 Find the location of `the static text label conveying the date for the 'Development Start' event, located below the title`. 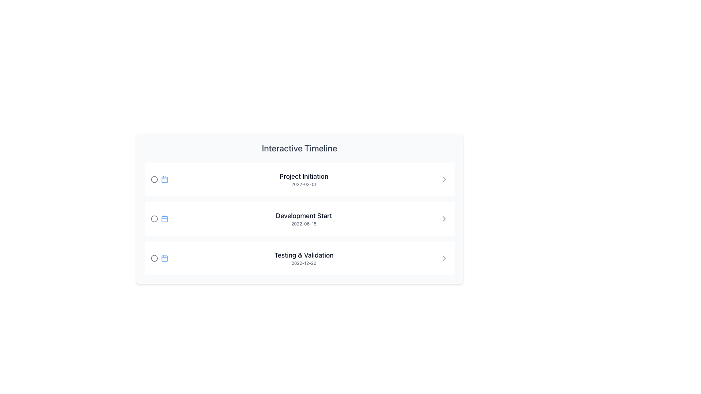

the static text label conveying the date for the 'Development Start' event, located below the title is located at coordinates (304, 223).